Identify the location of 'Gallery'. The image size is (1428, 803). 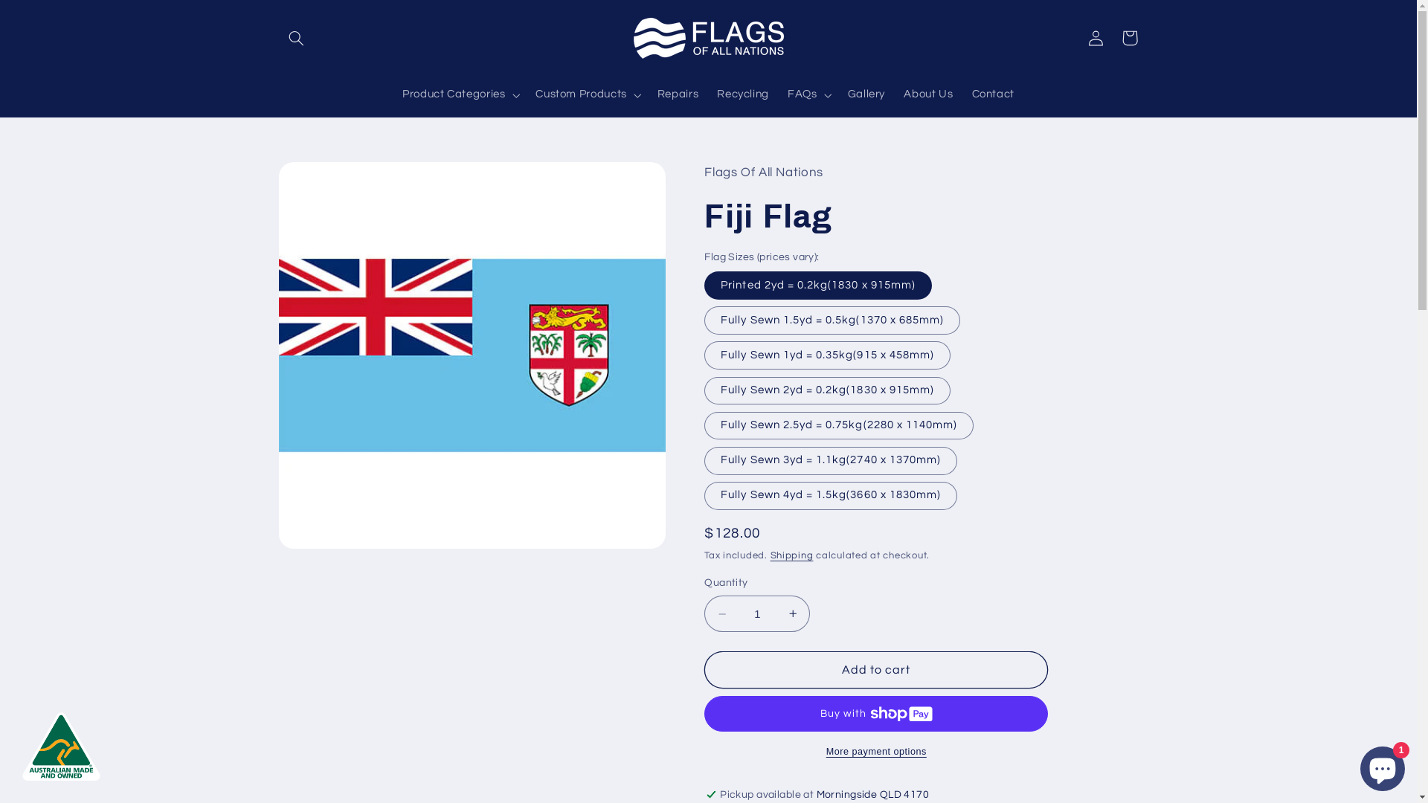
(838, 94).